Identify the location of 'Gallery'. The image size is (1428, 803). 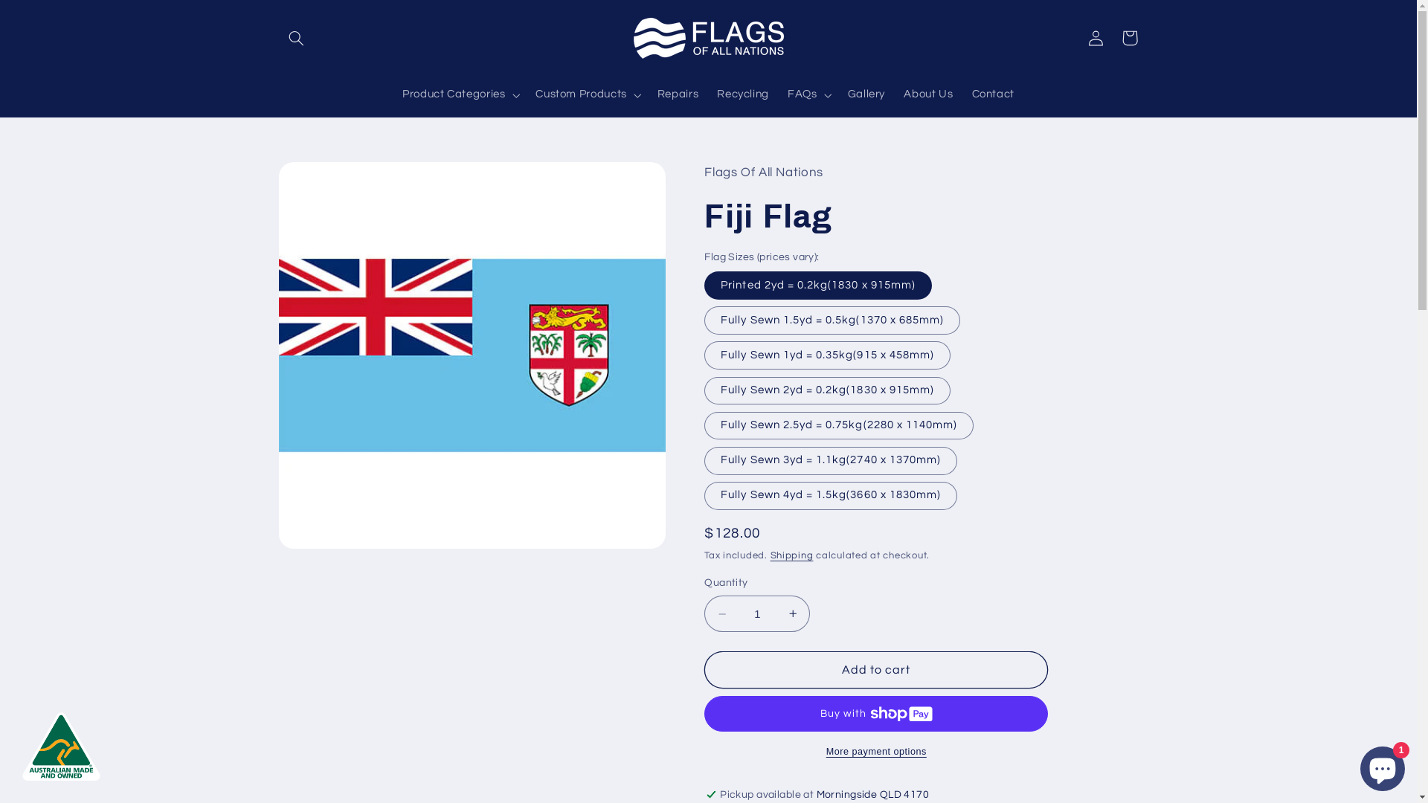
(838, 94).